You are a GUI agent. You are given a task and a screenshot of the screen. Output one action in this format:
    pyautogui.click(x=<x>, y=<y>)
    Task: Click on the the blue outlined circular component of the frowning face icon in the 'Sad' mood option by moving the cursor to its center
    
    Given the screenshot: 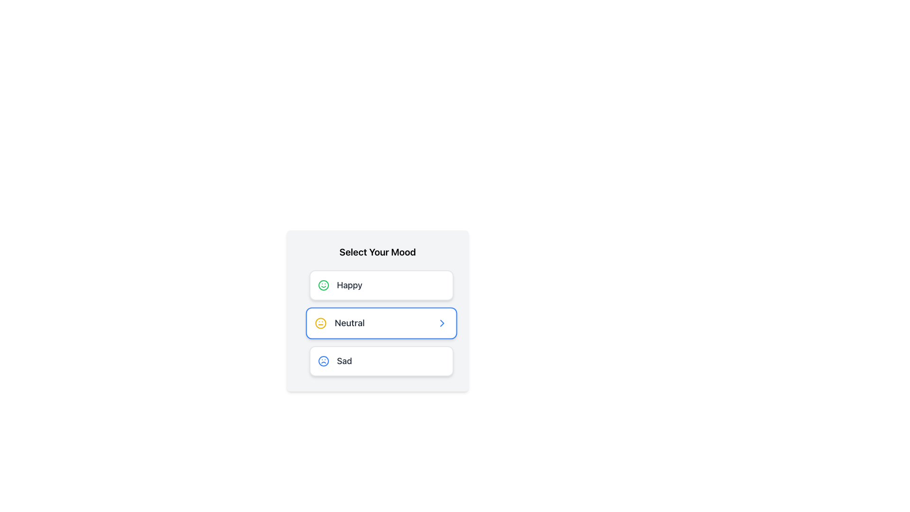 What is the action you would take?
    pyautogui.click(x=323, y=361)
    